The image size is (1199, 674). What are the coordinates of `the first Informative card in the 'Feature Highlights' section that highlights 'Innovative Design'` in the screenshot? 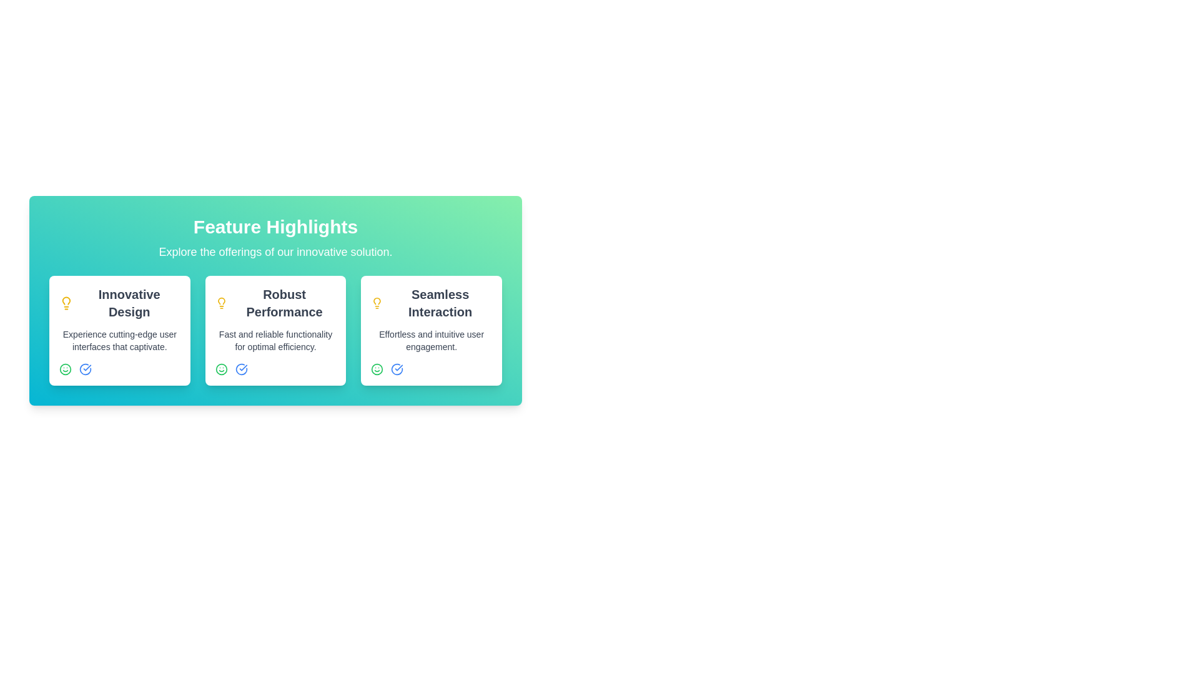 It's located at (119, 330).